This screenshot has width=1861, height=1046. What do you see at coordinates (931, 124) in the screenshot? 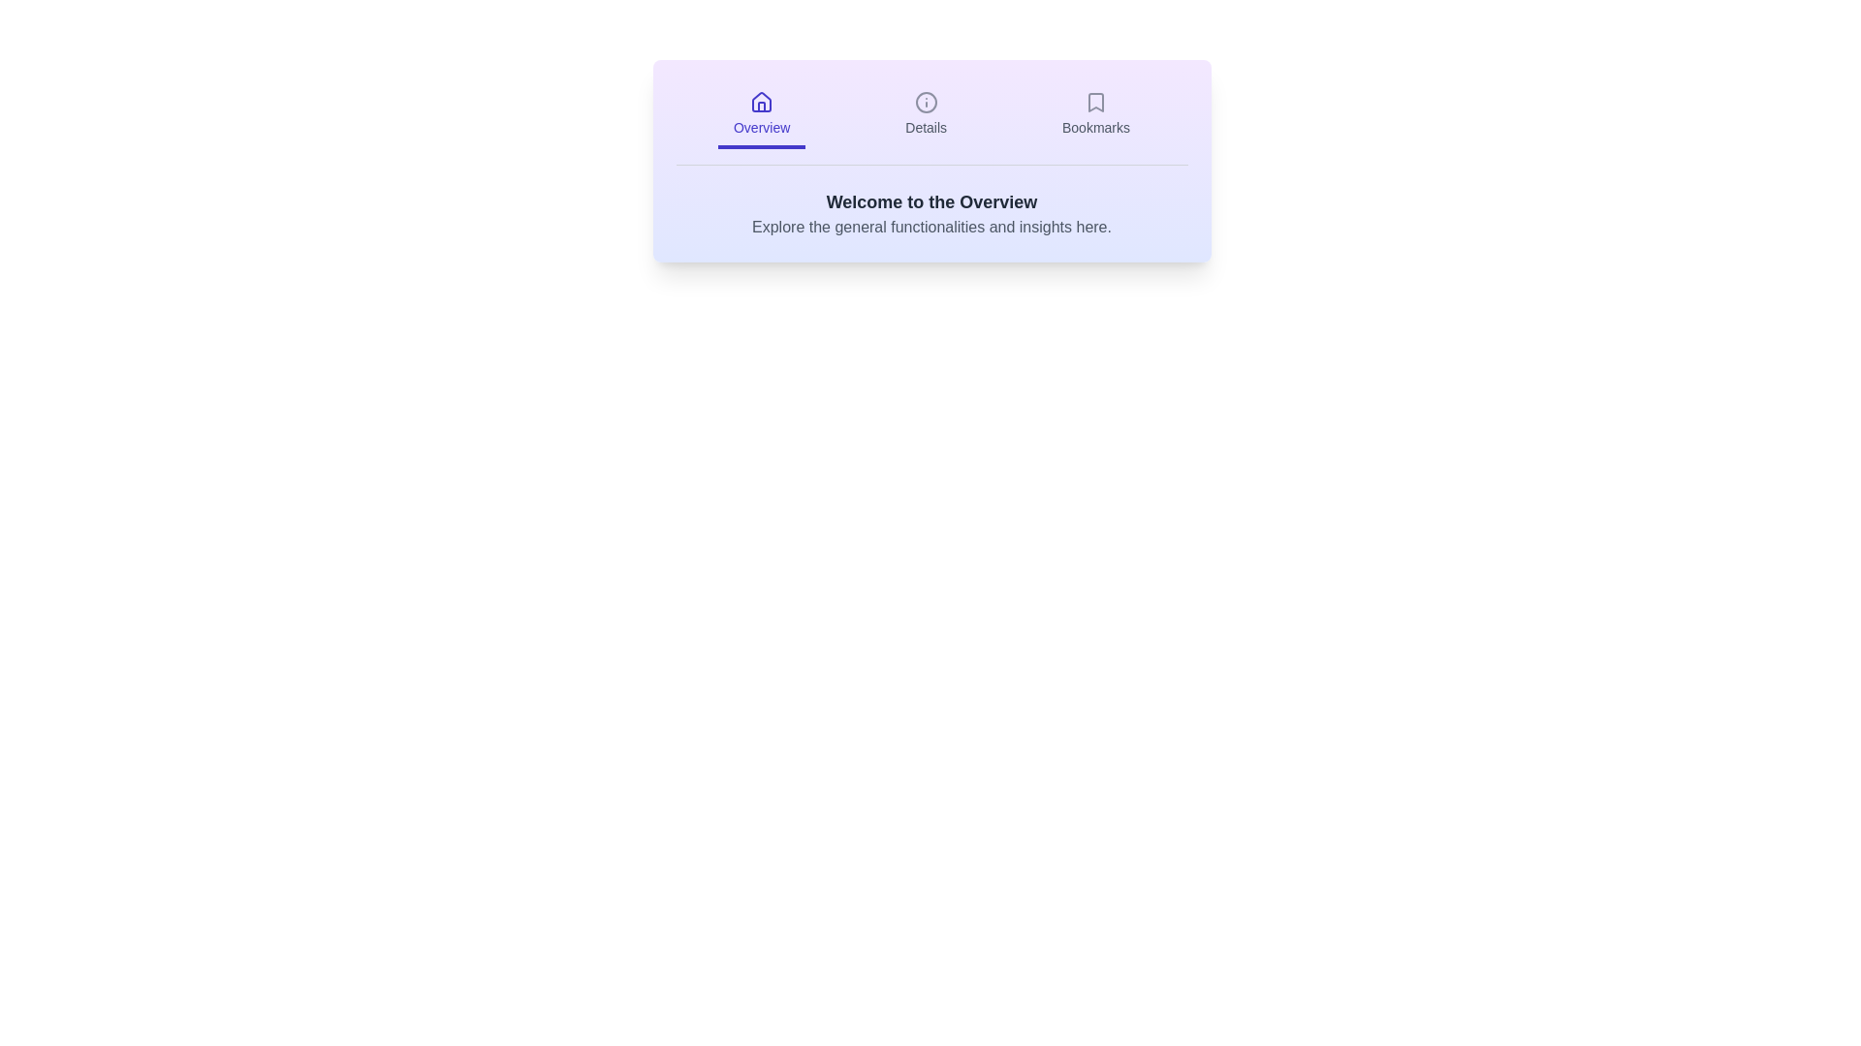
I see `the 'Details' tab in the Navigation Bar at the top of the application` at bounding box center [931, 124].